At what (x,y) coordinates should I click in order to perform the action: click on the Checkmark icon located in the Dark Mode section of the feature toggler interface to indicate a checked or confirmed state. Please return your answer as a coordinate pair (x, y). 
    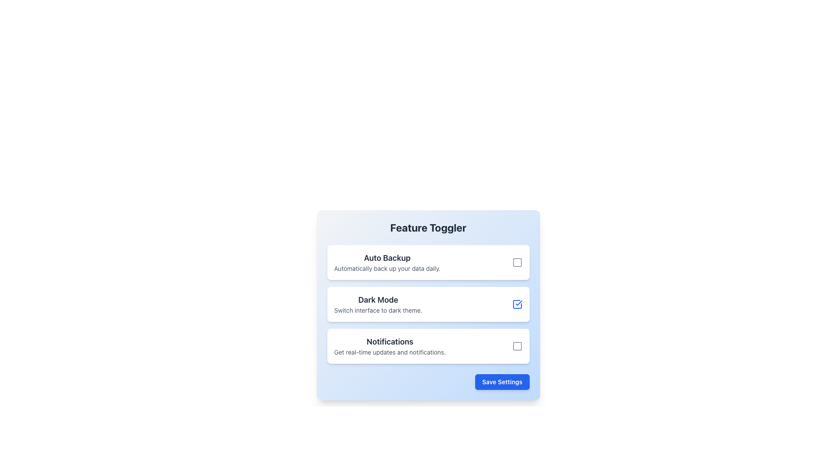
    Looking at the image, I should click on (519, 302).